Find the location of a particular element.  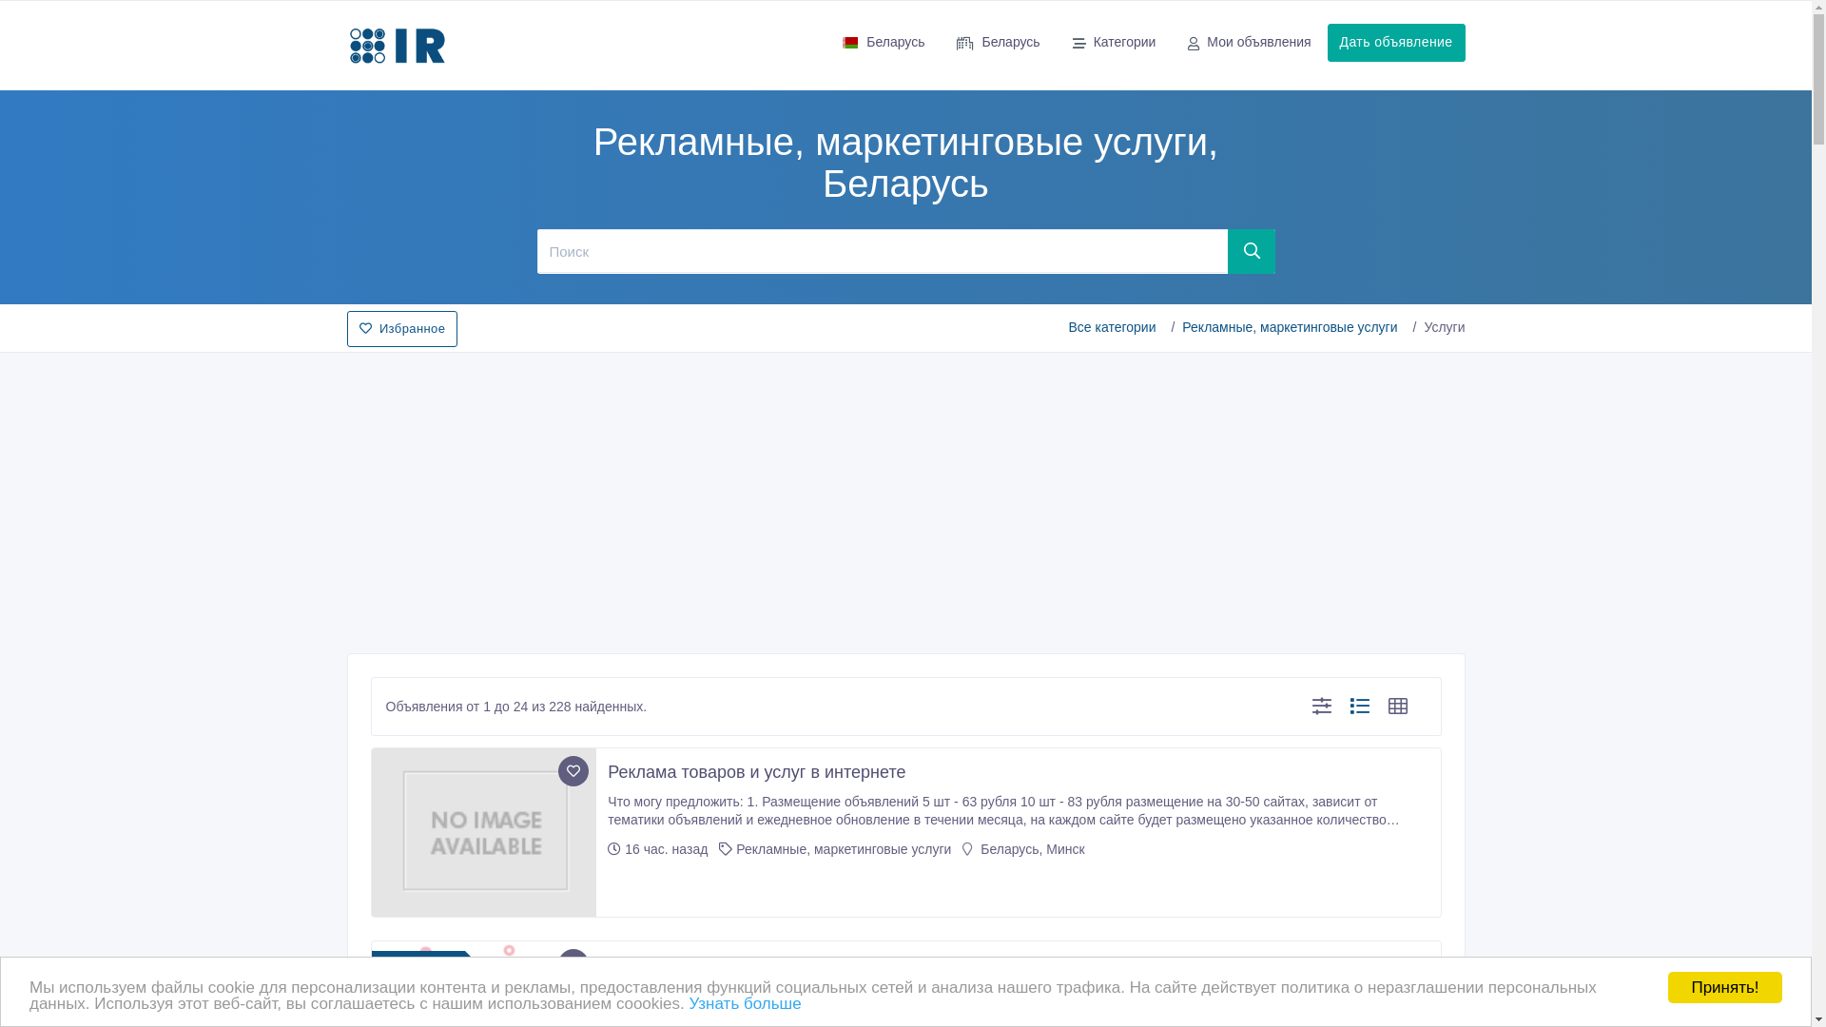

'Add to favorite' is located at coordinates (573, 770).